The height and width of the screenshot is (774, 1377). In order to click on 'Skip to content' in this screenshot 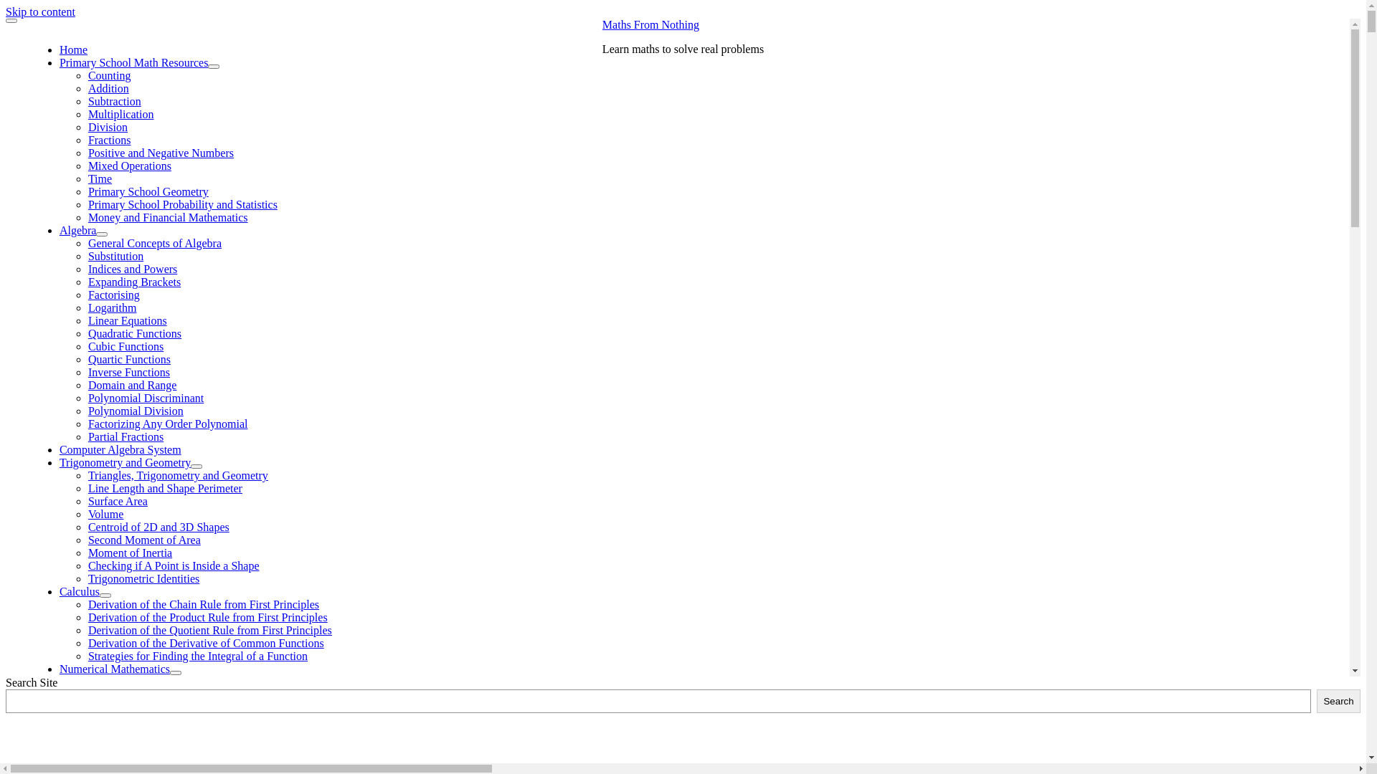, I will do `click(40, 11)`.